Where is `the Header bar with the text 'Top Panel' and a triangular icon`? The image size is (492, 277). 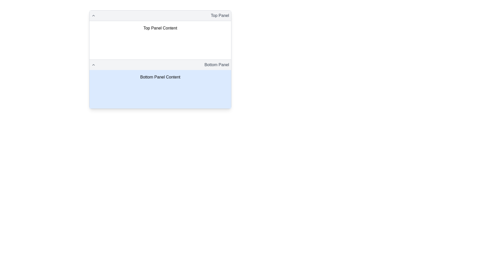 the Header bar with the text 'Top Panel' and a triangular icon is located at coordinates (160, 15).